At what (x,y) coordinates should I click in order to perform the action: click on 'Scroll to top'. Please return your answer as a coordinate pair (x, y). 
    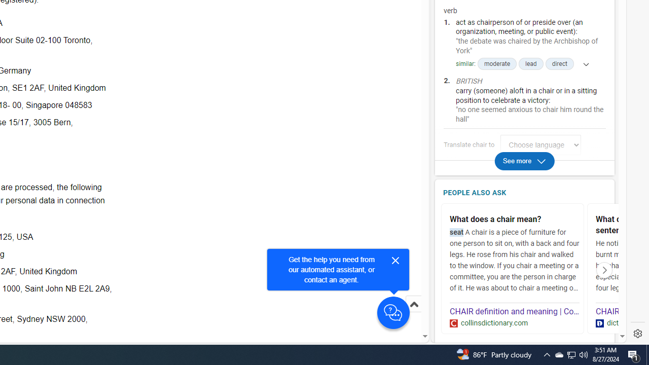
    Looking at the image, I should click on (414, 314).